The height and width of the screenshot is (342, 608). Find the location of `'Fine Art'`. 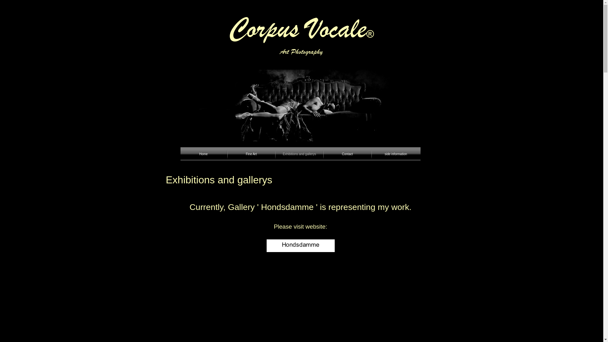

'Fine Art' is located at coordinates (250, 154).